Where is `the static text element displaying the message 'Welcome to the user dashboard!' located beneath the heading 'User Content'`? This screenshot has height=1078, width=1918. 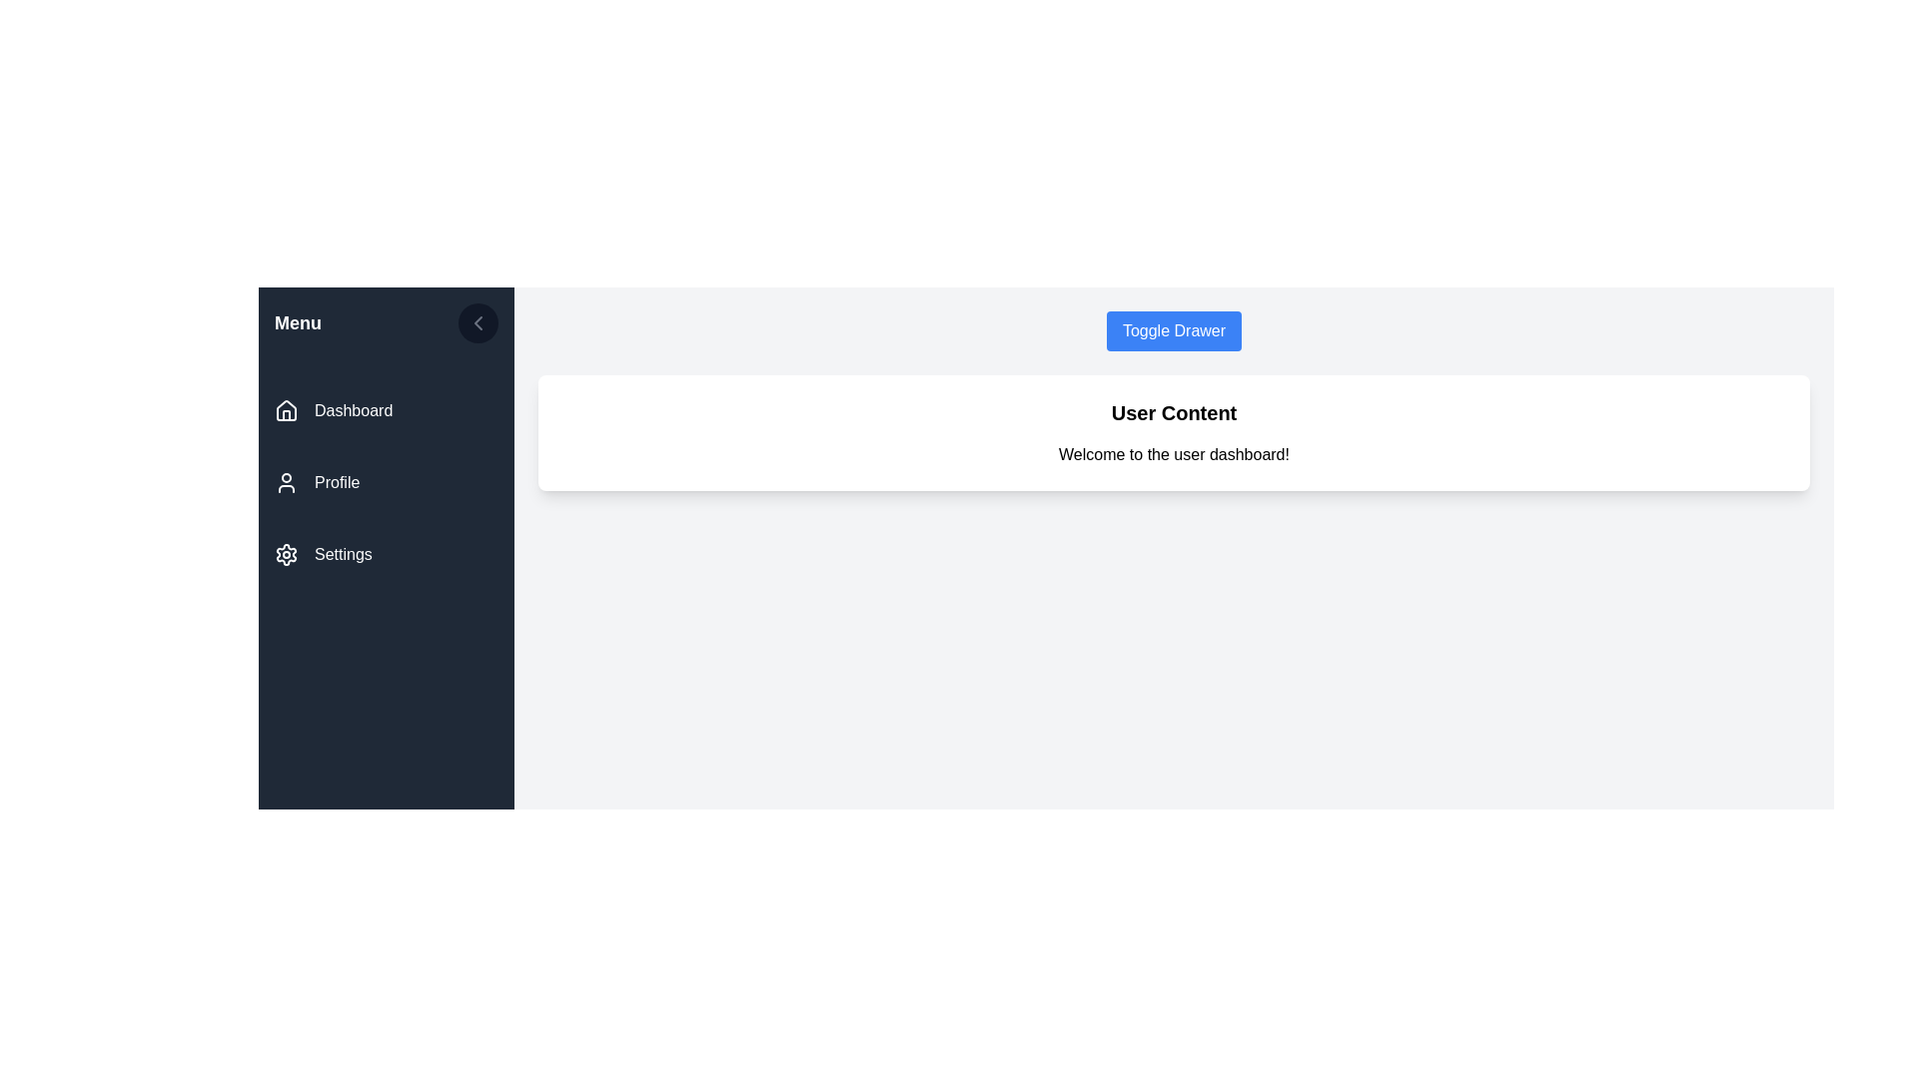
the static text element displaying the message 'Welcome to the user dashboard!' located beneath the heading 'User Content' is located at coordinates (1174, 454).